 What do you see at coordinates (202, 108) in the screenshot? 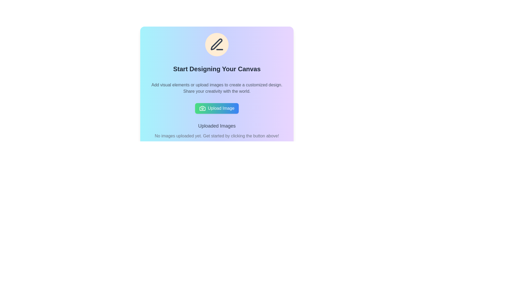
I see `the camera icon in the 'Upload Image' button, which is styled in a modern line-drawing format and located above the button text` at bounding box center [202, 108].